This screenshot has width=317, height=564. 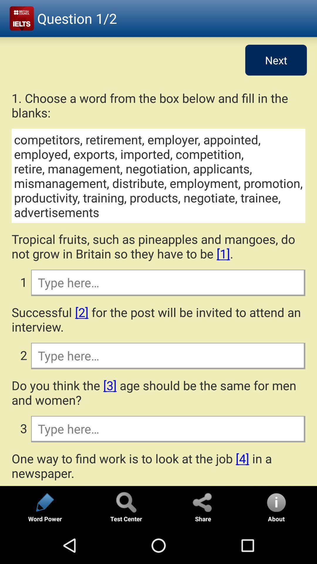 I want to click on the item above tropical fruits such item, so click(x=158, y=175).